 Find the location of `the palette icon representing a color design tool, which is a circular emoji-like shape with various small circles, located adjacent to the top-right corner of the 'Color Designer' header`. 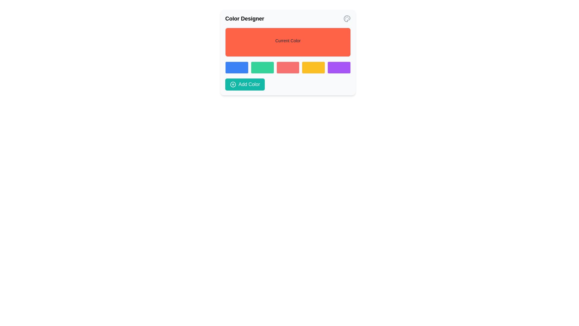

the palette icon representing a color design tool, which is a circular emoji-like shape with various small circles, located adjacent to the top-right corner of the 'Color Designer' header is located at coordinates (347, 18).